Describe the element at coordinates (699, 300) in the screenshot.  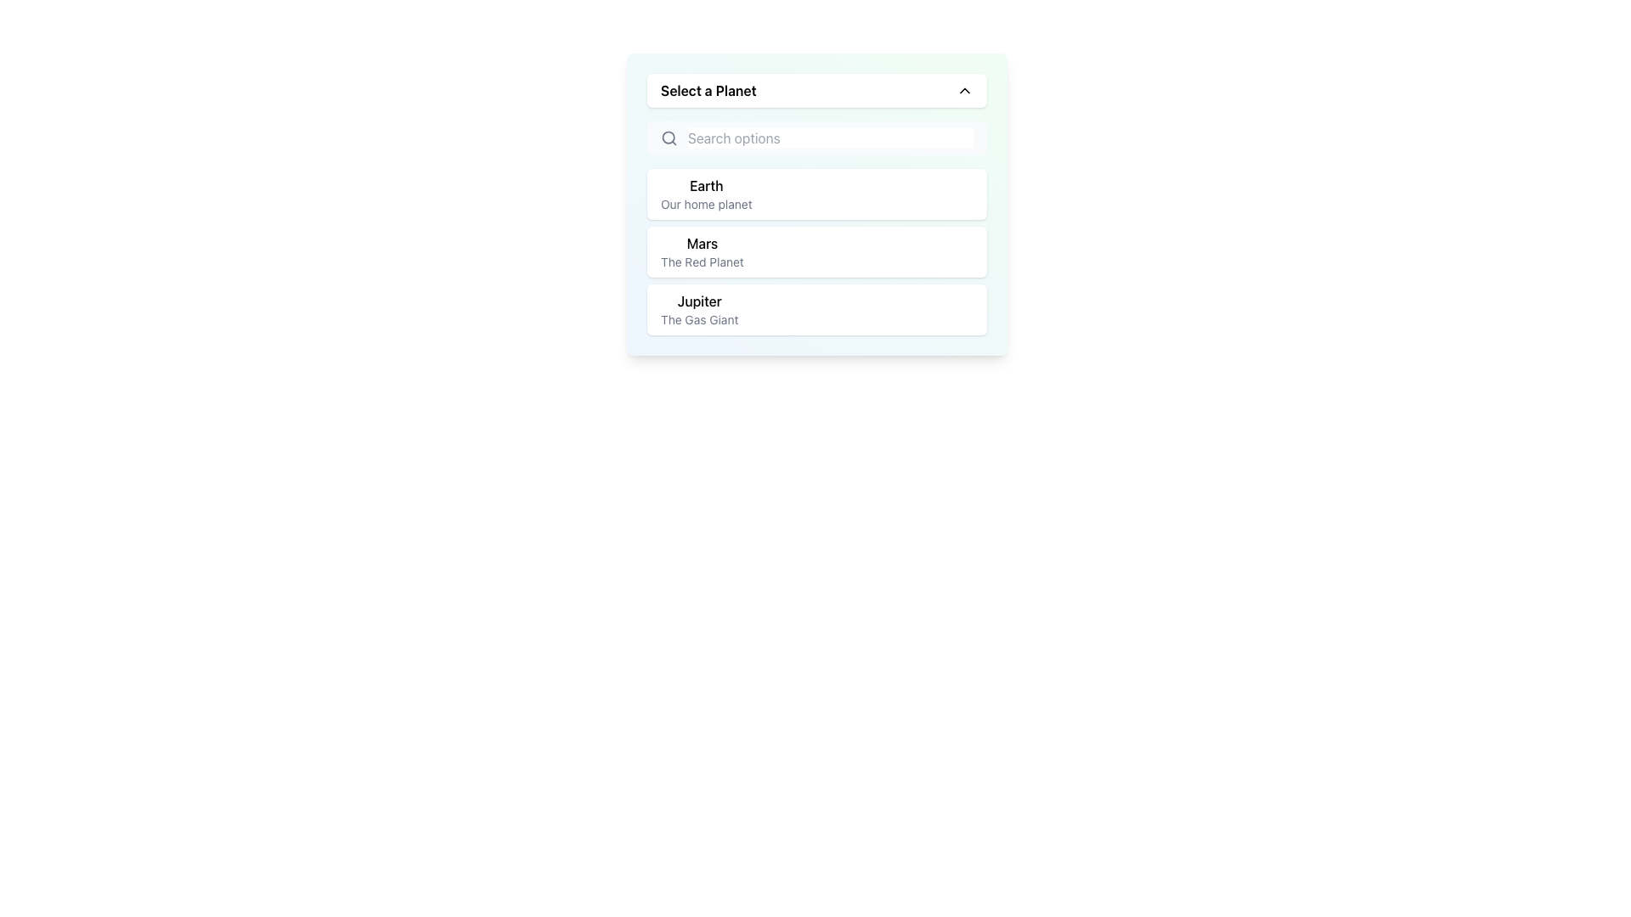
I see `the text label representing 'Jupiter' in the selectable list of planets` at that location.